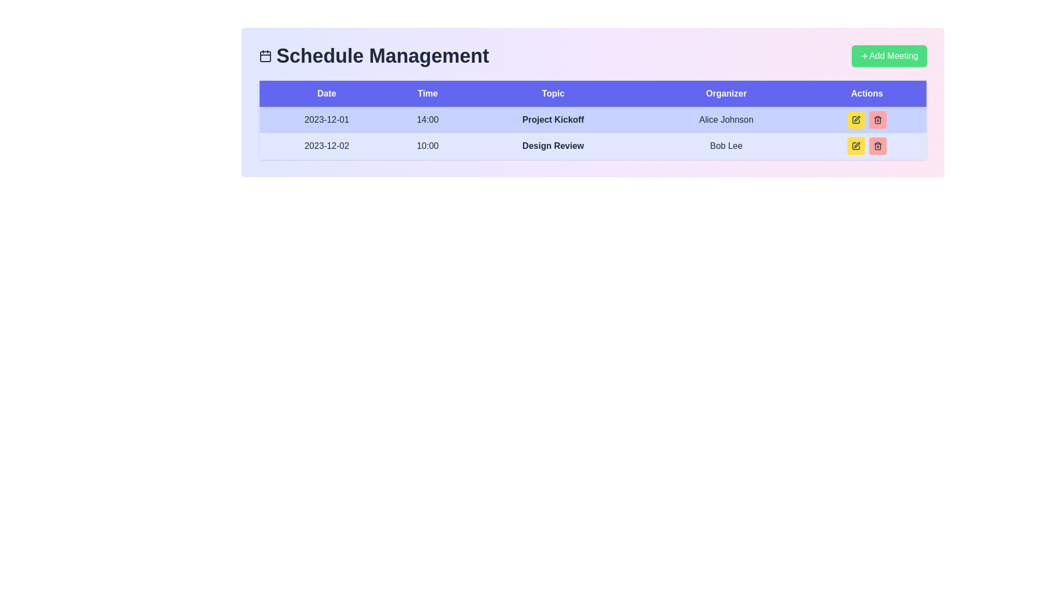  I want to click on the 'Edit' button located in the 'Actions' column of the second row under the 'Bob Lee' organizer name, so click(855, 145).